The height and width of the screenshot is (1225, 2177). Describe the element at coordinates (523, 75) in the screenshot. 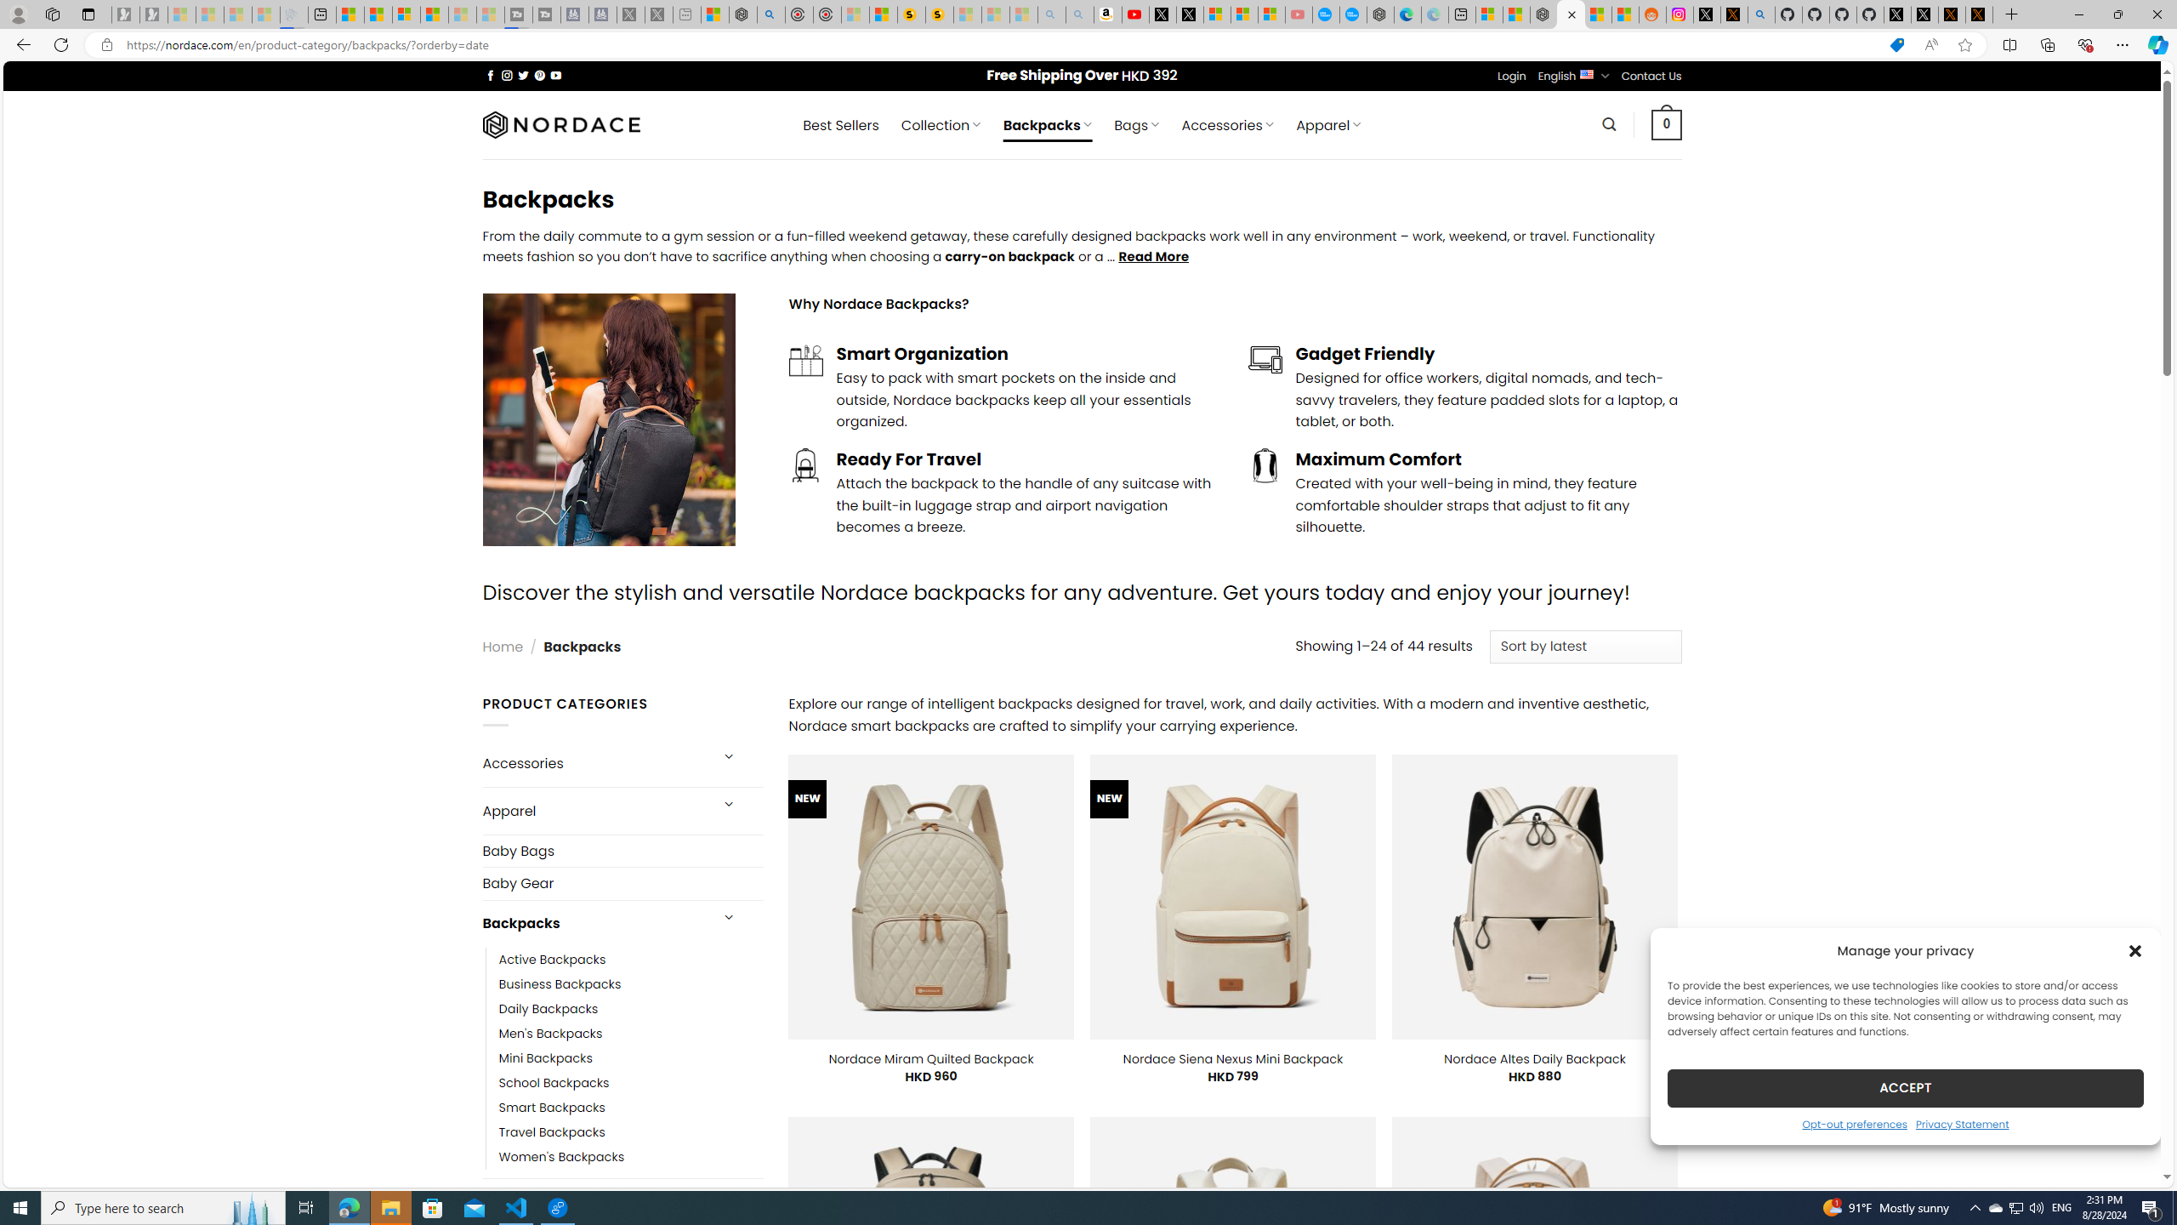

I see `'Follow on Twitter'` at that location.